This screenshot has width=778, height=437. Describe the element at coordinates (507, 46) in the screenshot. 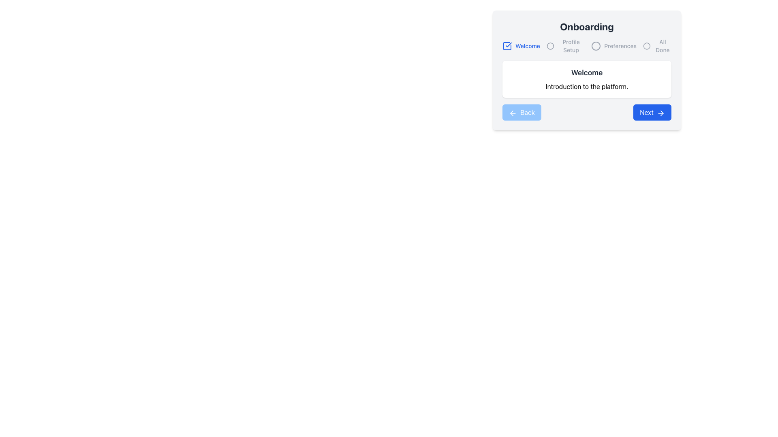

I see `the blue checkmark icon inside a rounded square located near the top left corner of the 'Welcome' section in the onboarding interface, to the left of the 'Welcome' text label` at that location.